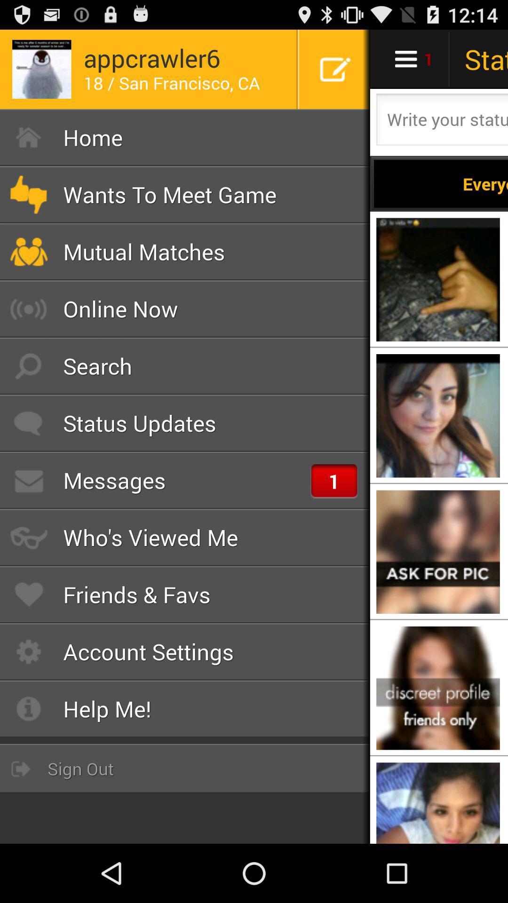 This screenshot has height=903, width=508. I want to click on the search icon, so click(185, 365).